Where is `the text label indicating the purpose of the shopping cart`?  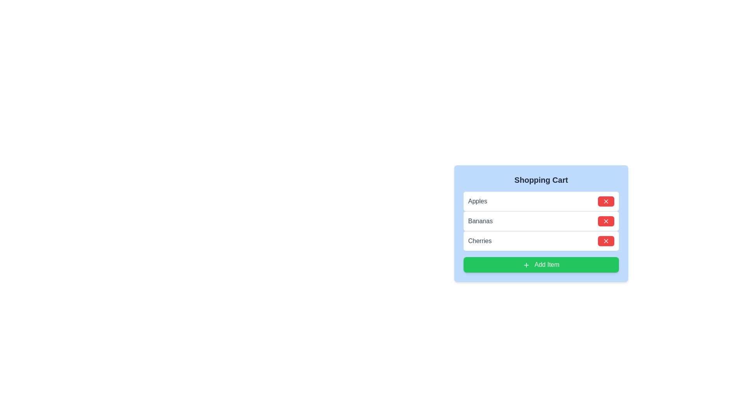
the text label indicating the purpose of the shopping cart is located at coordinates (540, 180).